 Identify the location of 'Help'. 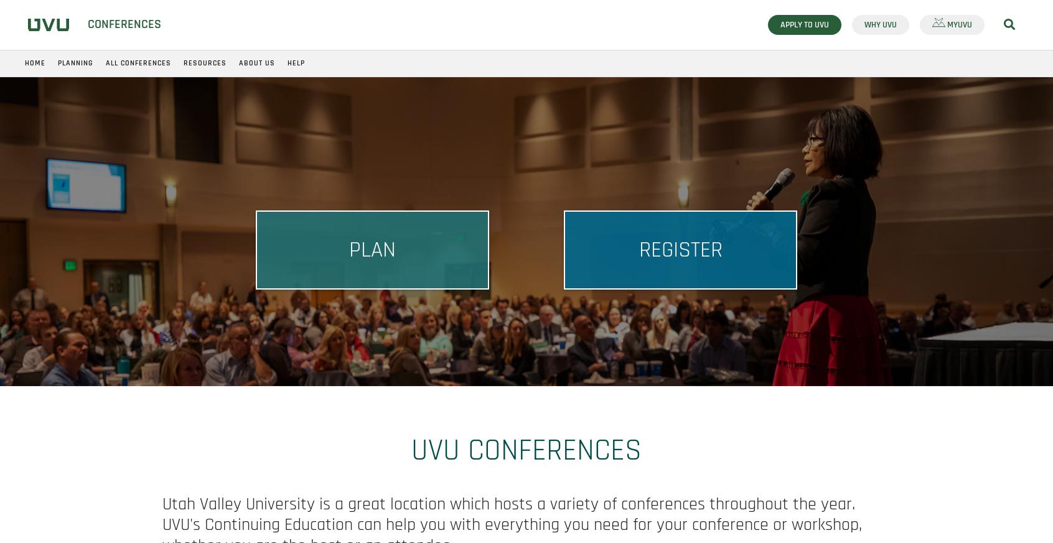
(295, 62).